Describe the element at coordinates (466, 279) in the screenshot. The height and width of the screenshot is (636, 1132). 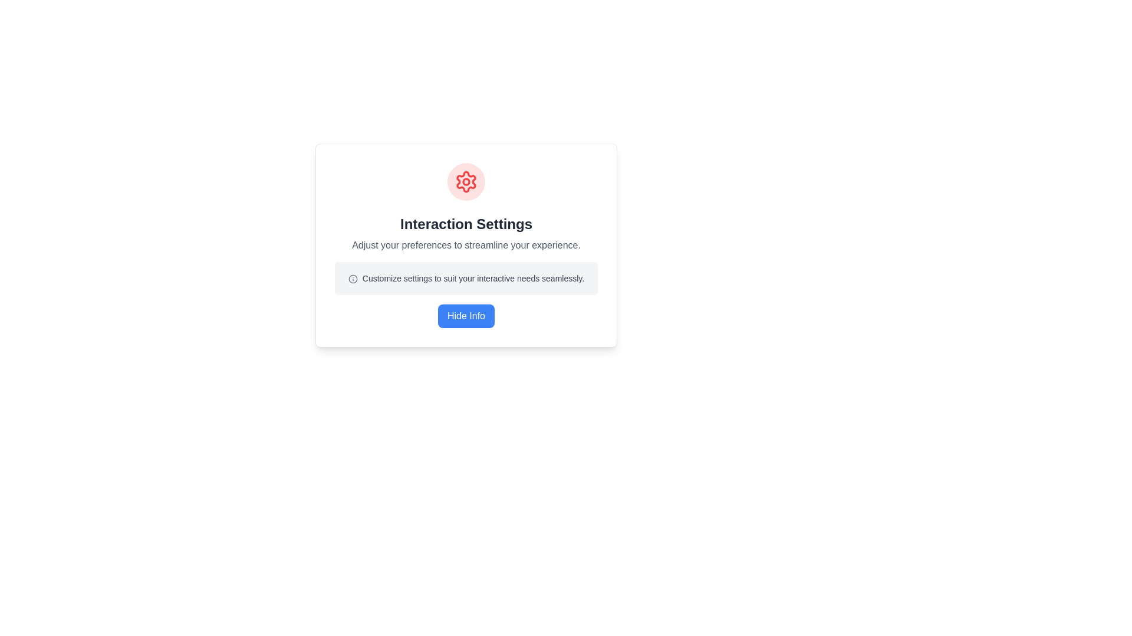
I see `the informational text box with a light gray background and an information icon, located below the subtitle 'Adjust your preferences to streamline your experience.'` at that location.